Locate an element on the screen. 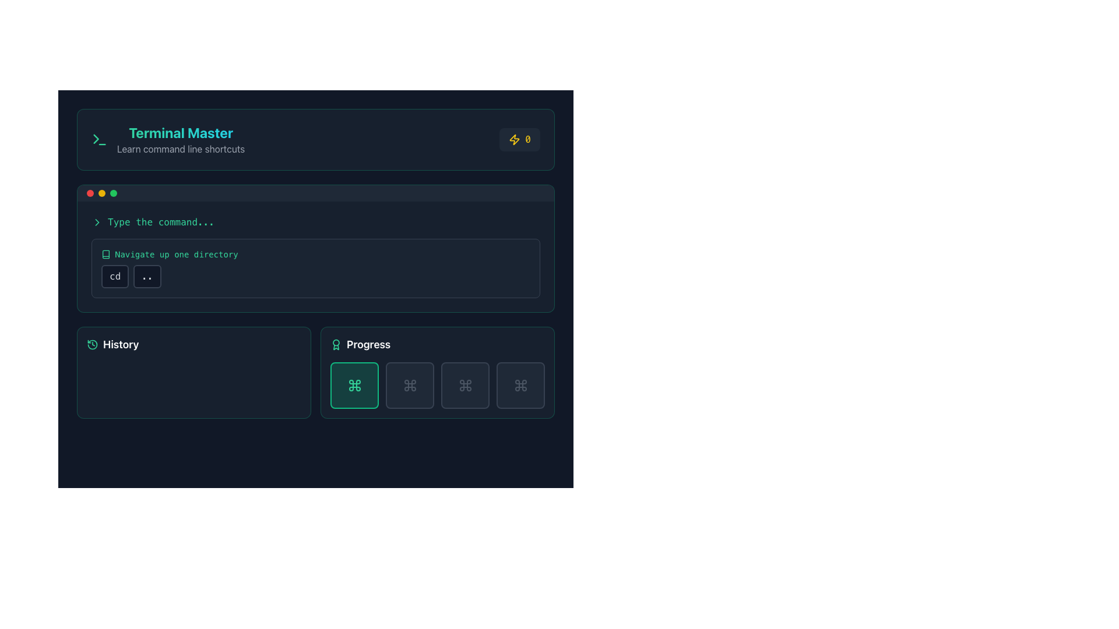 Image resolution: width=1119 pixels, height=629 pixels. the third square-shaped button with rounded corners in the 'Progress' section, which has a dark gray background and a lighter gray 'command' symbol icon at the center is located at coordinates (465, 386).